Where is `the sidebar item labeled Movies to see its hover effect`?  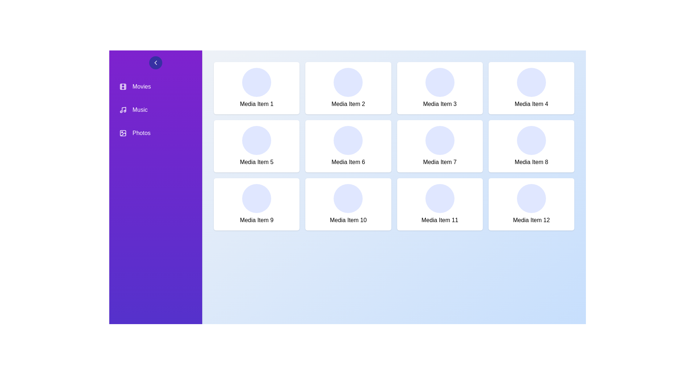
the sidebar item labeled Movies to see its hover effect is located at coordinates (155, 86).